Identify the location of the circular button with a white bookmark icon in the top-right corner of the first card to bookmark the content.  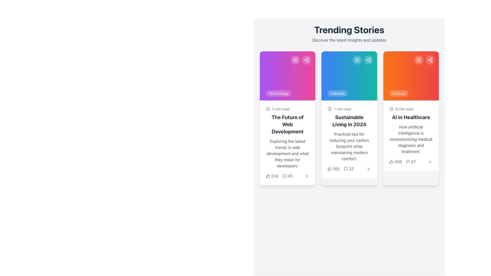
(295, 60).